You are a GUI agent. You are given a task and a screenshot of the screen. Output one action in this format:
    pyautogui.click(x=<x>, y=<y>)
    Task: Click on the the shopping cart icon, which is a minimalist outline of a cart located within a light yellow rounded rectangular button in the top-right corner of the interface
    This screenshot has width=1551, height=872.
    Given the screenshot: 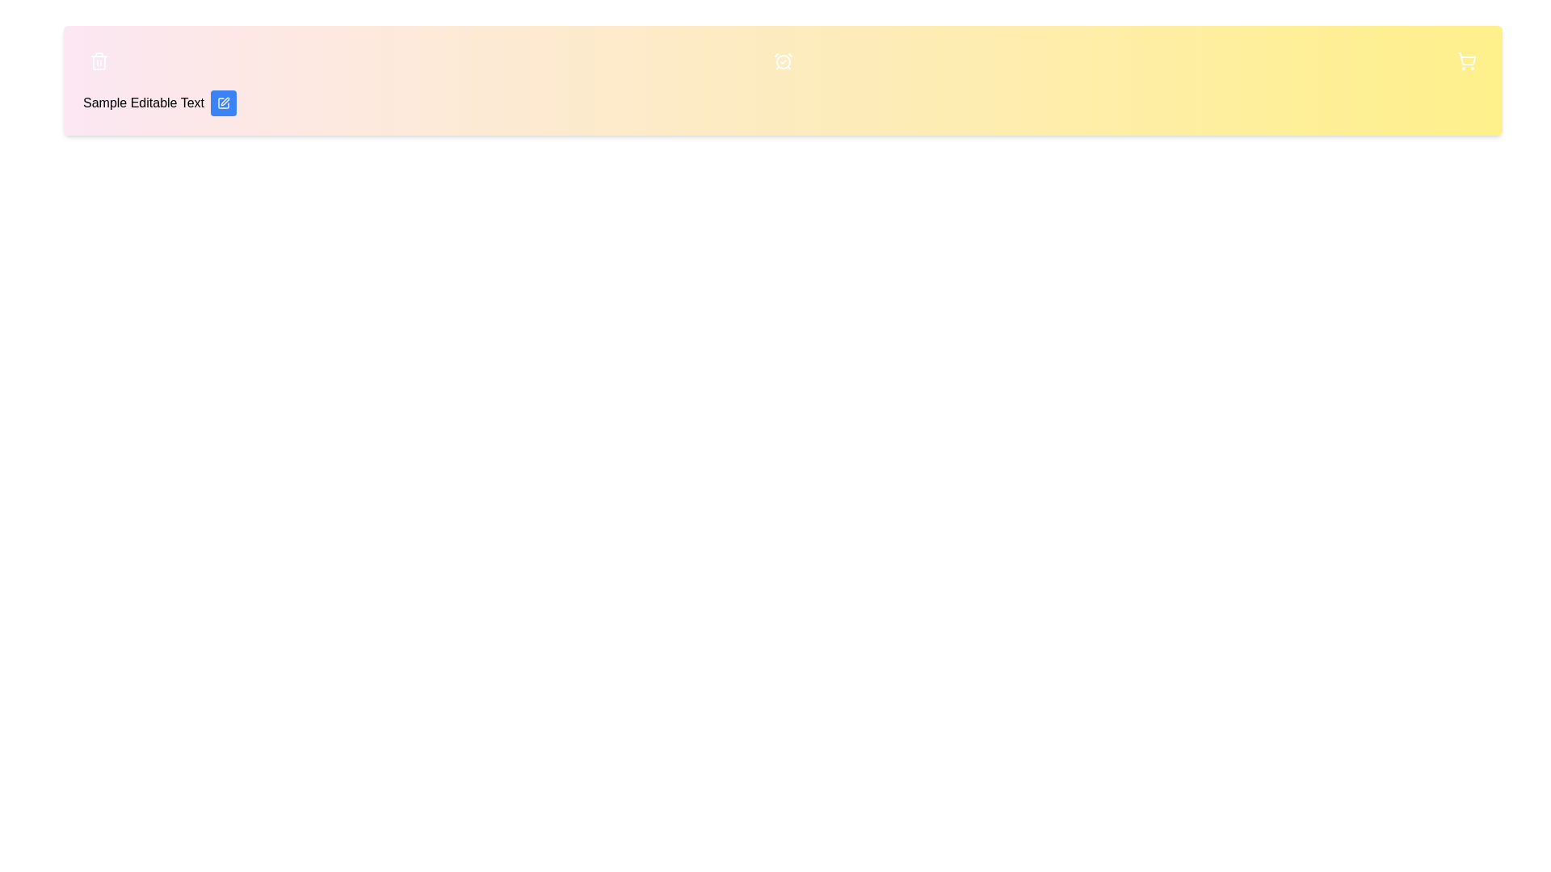 What is the action you would take?
    pyautogui.click(x=1466, y=61)
    